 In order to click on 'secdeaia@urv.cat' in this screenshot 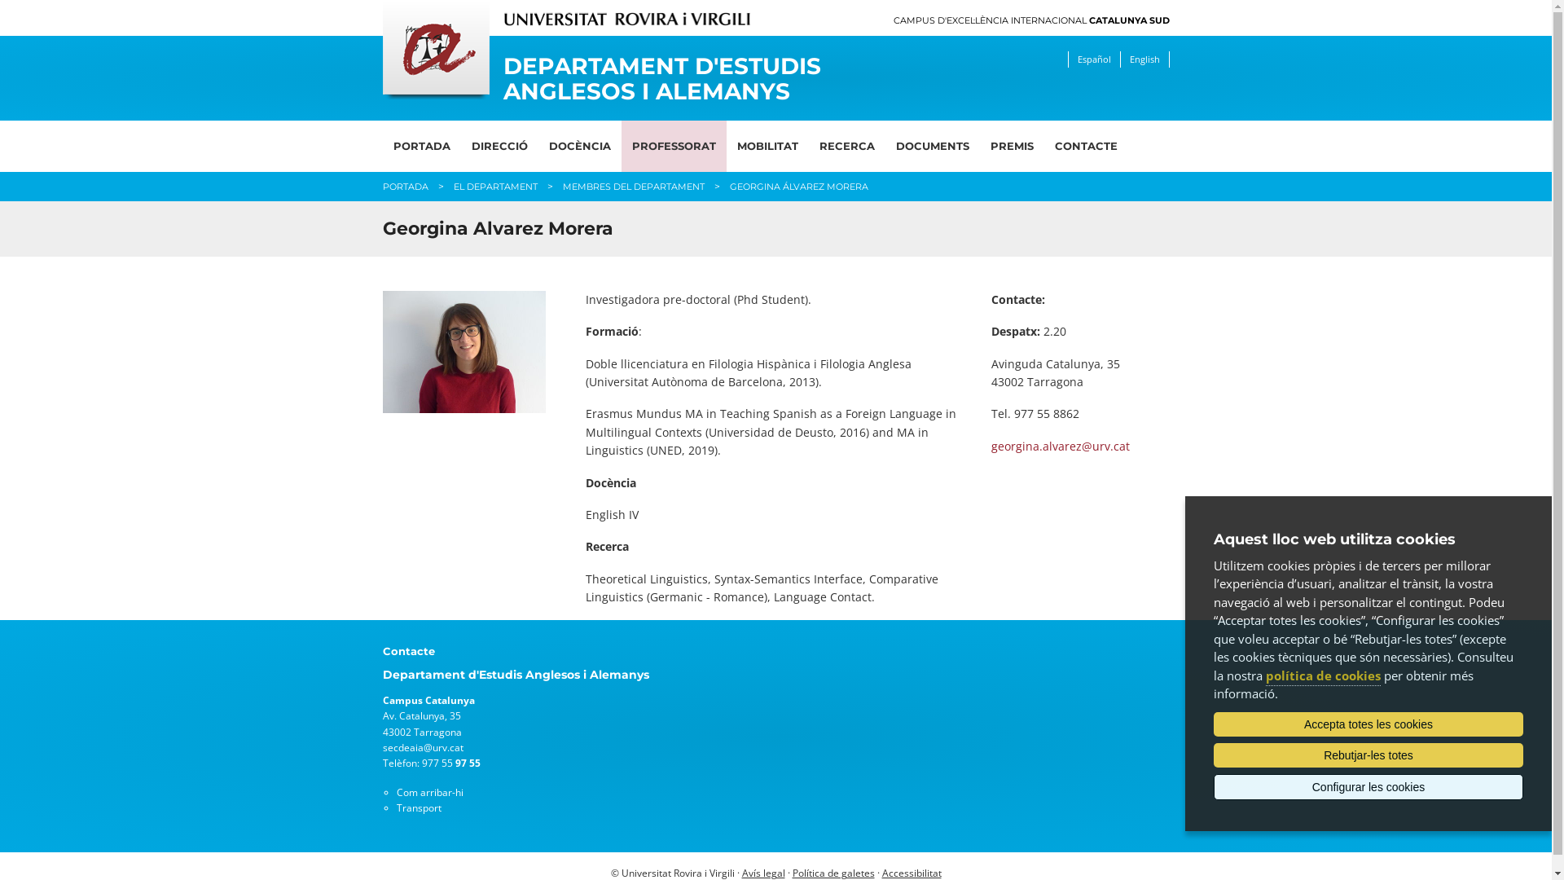, I will do `click(423, 747)`.